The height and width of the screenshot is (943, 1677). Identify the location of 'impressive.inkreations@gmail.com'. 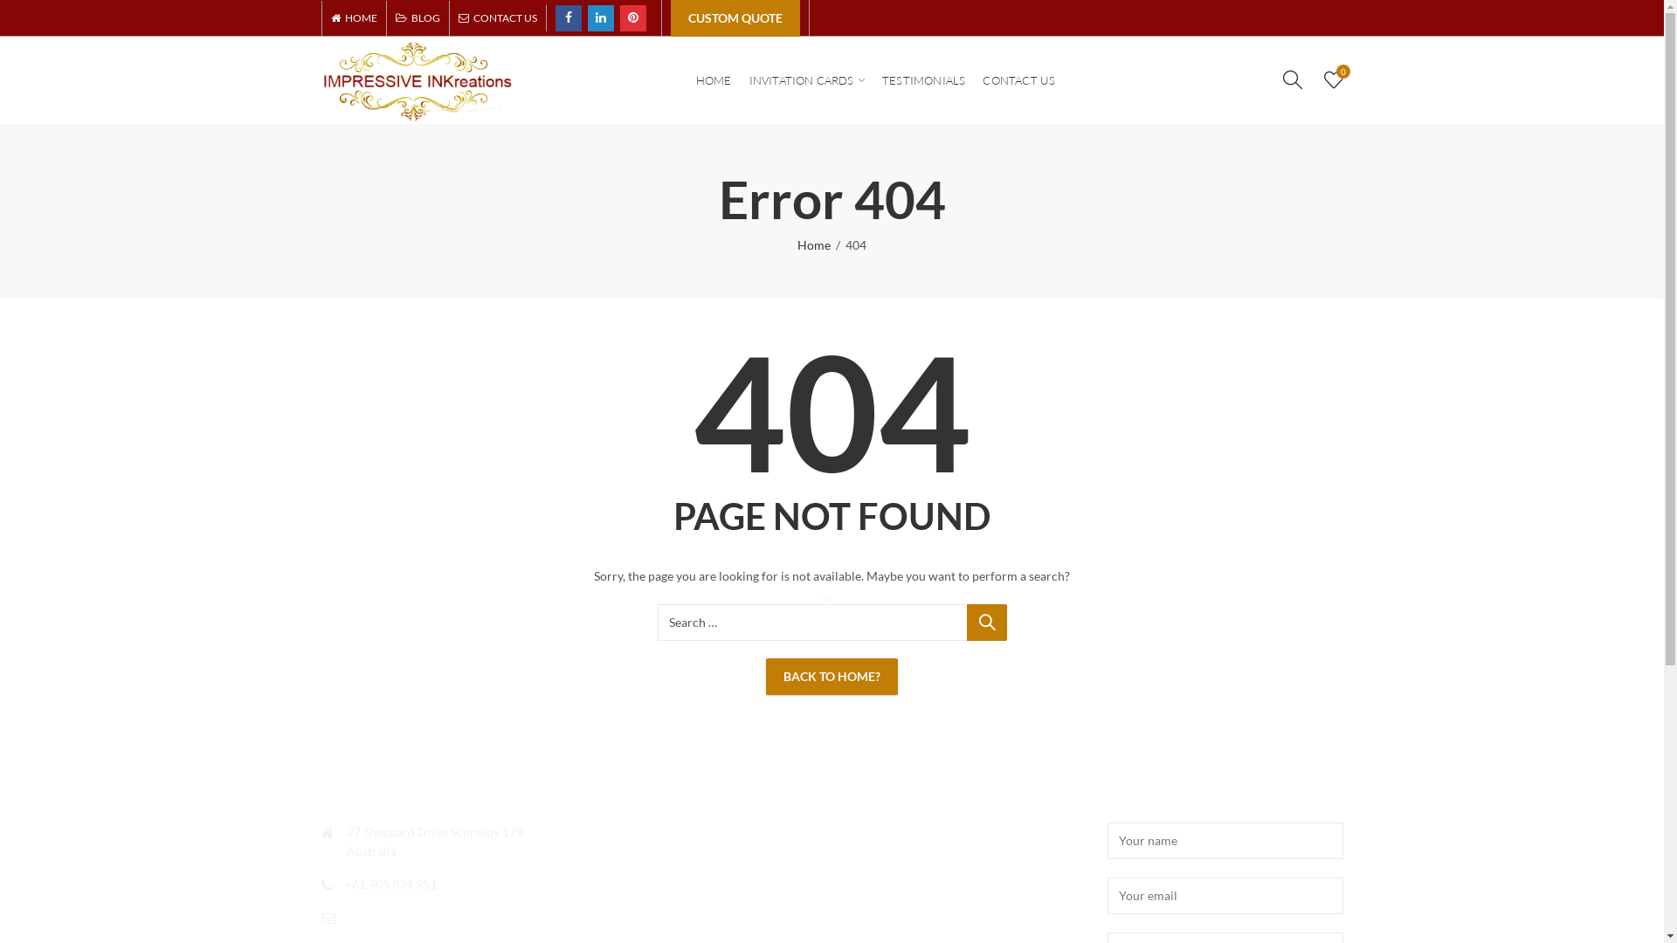
(348, 915).